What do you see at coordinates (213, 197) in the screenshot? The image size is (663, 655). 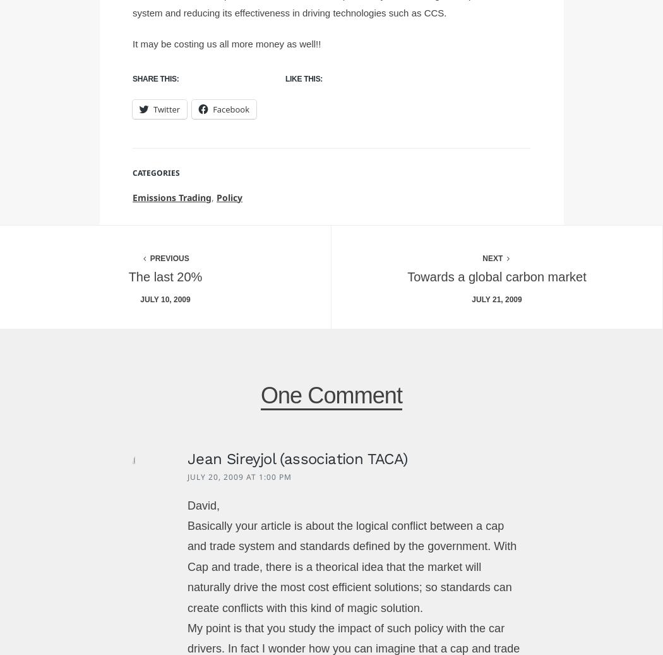 I see `','` at bounding box center [213, 197].